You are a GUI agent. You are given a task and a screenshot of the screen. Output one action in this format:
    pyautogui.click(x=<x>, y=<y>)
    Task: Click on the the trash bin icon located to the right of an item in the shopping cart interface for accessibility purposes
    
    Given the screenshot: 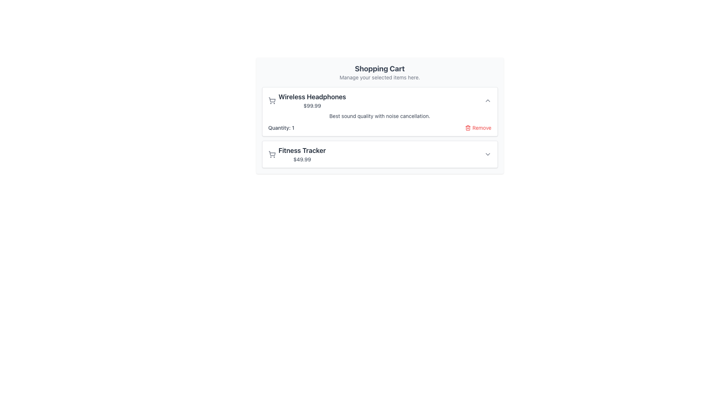 What is the action you would take?
    pyautogui.click(x=468, y=127)
    